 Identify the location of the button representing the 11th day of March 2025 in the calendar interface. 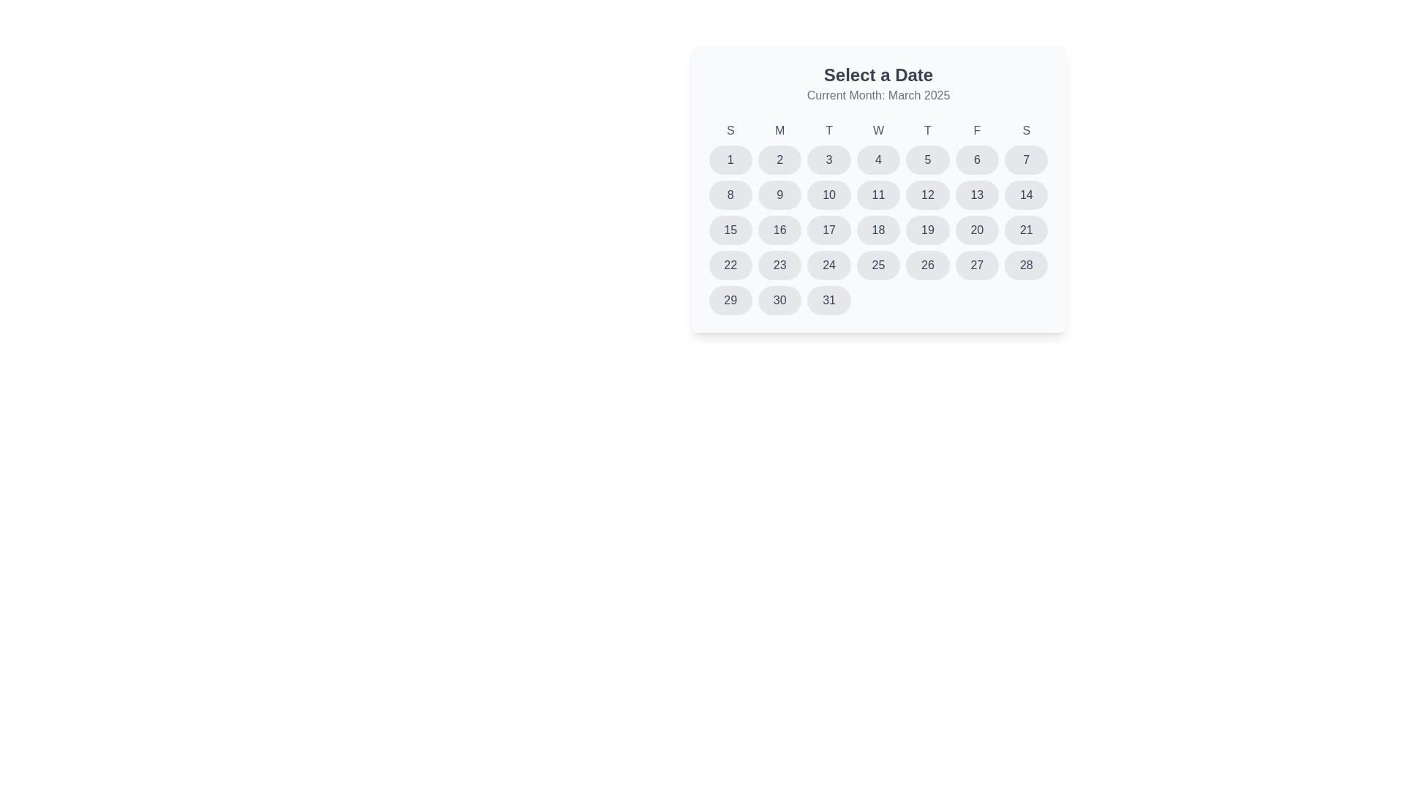
(877, 194).